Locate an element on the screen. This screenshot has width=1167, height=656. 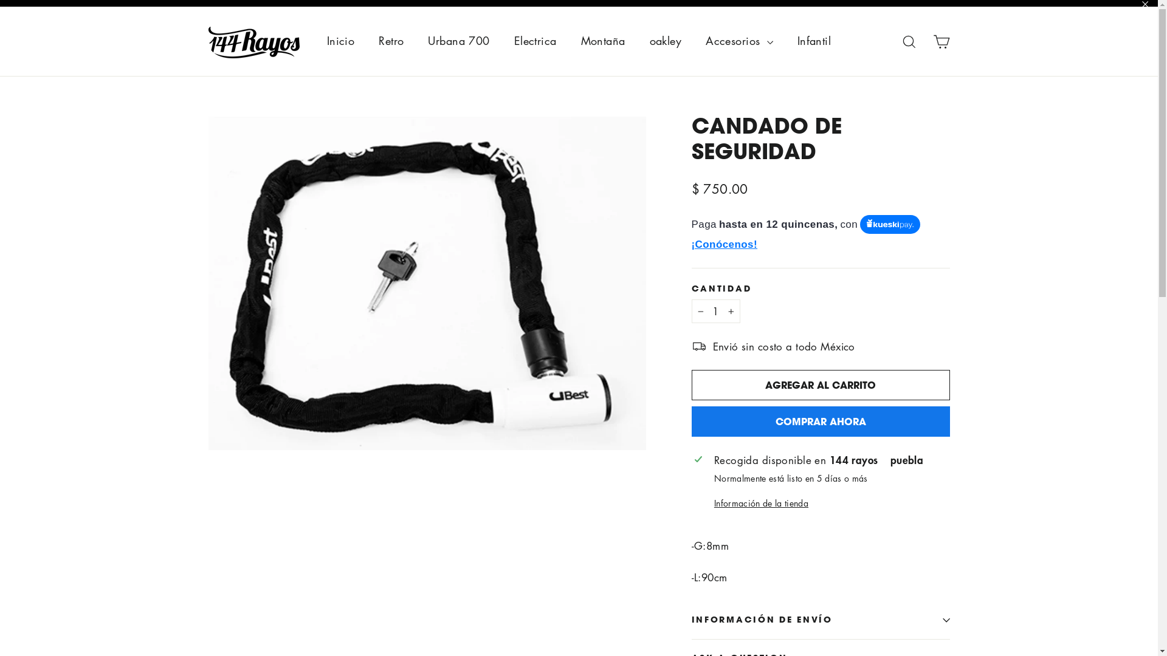
'Infantil' is located at coordinates (785, 40).